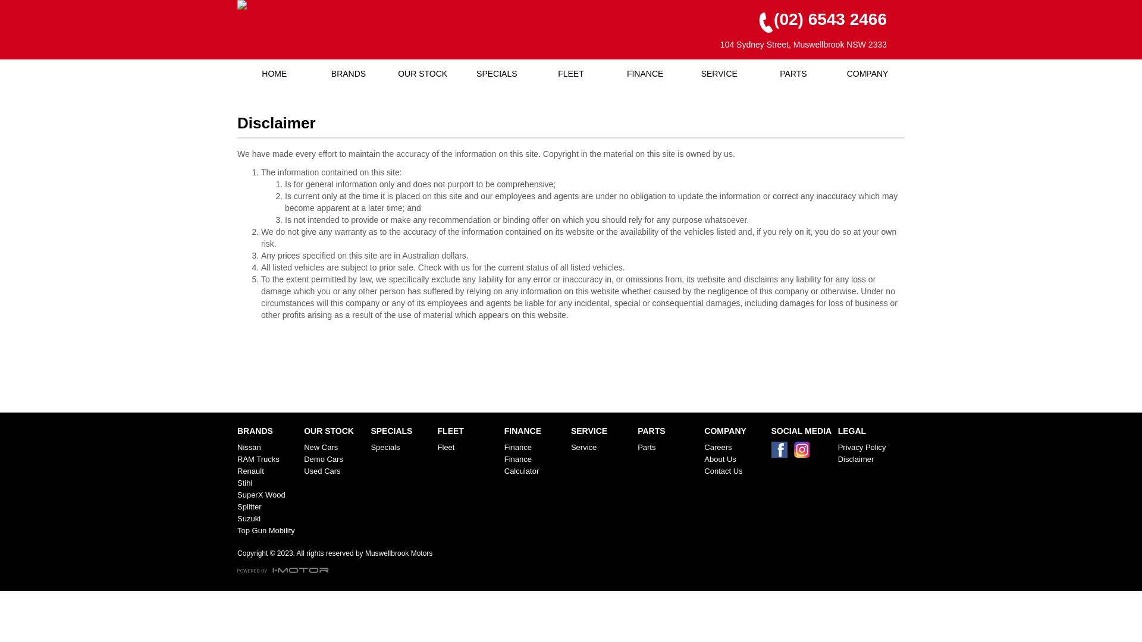 Image resolution: width=1142 pixels, height=642 pixels. Describe the element at coordinates (274, 74) in the screenshot. I see `'HOME'` at that location.